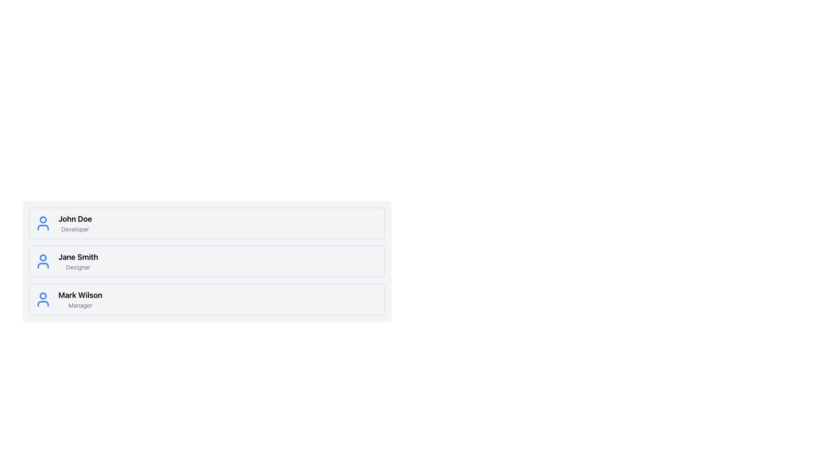 The image size is (813, 457). I want to click on the Text Display element showing 'Mark Wilson' and 'Manager' located at the bottom of the user entries list, so click(80, 299).